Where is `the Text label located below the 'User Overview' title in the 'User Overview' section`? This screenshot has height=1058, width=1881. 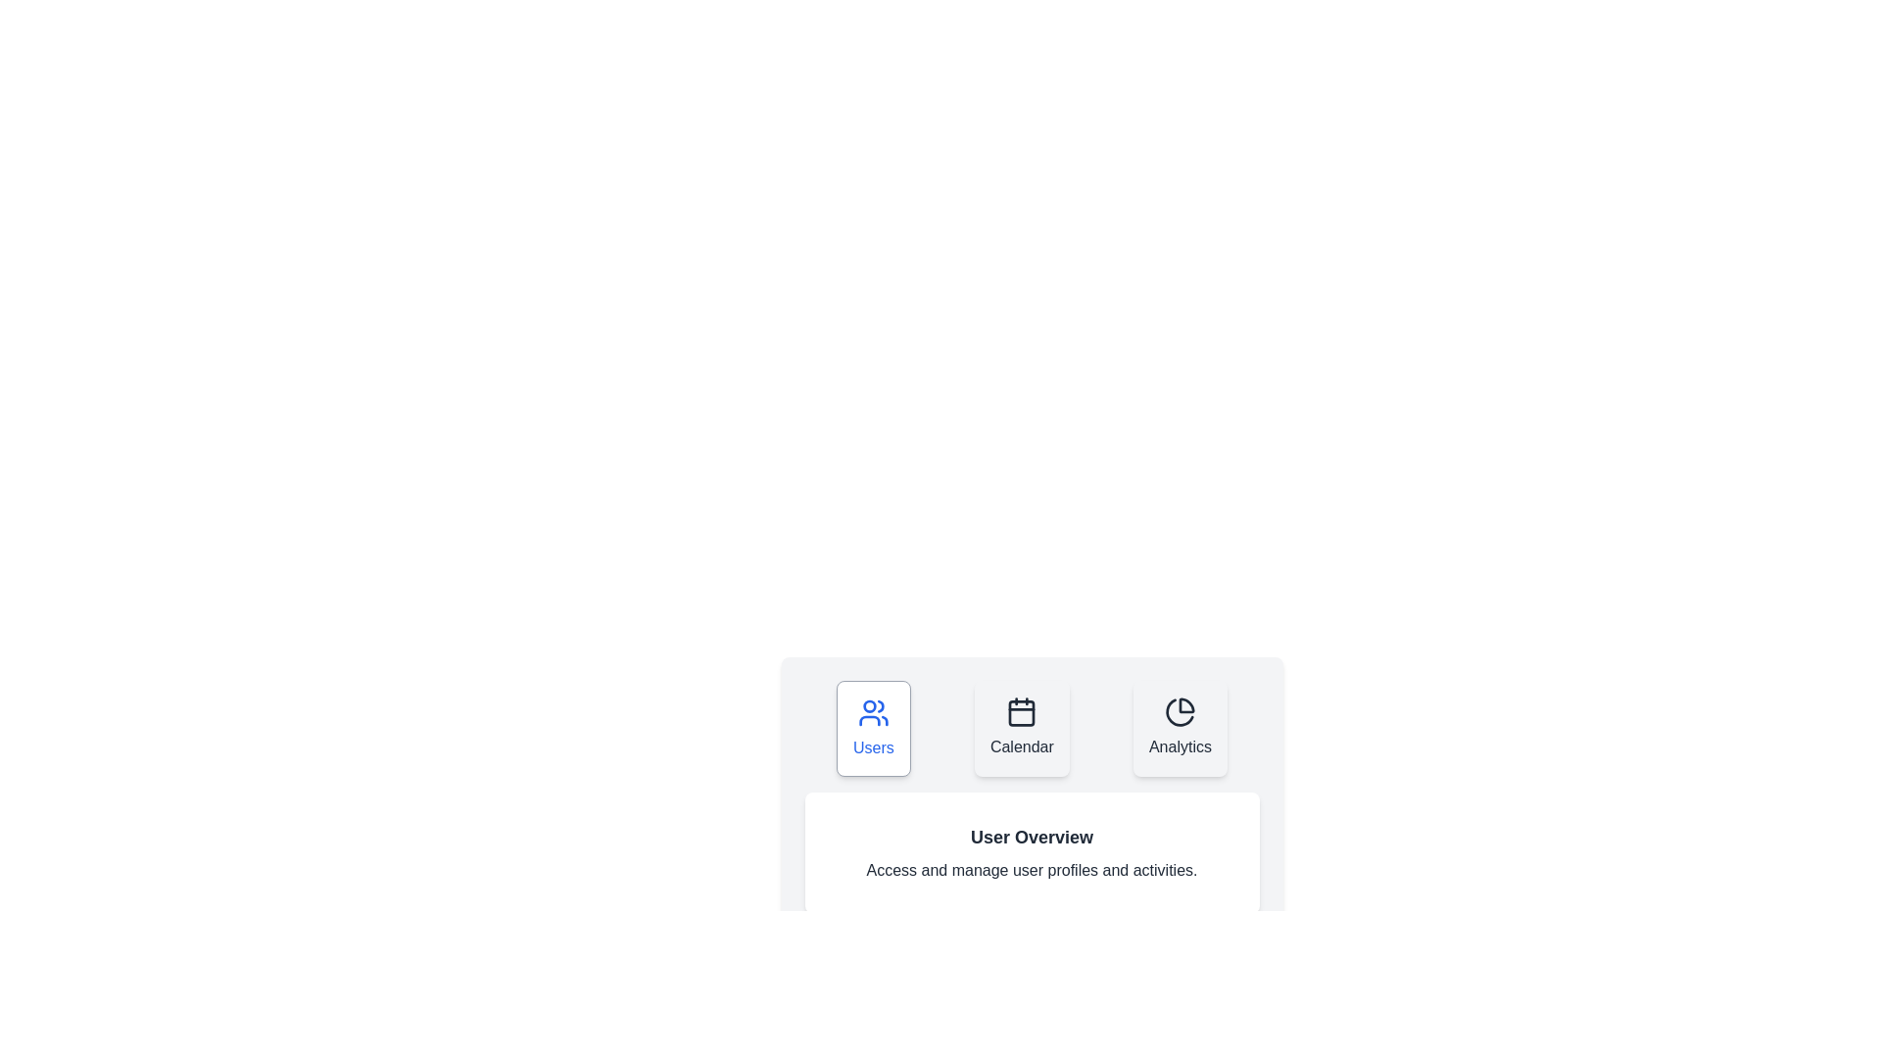 the Text label located below the 'User Overview' title in the 'User Overview' section is located at coordinates (1031, 869).